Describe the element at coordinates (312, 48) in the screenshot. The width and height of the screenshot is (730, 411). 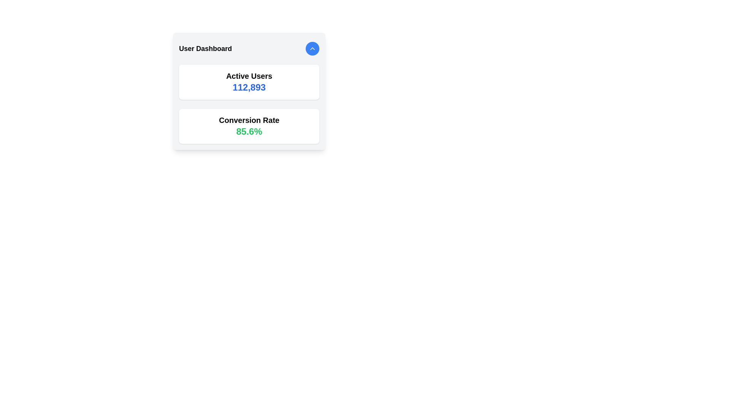
I see `the circular blue button with a white upwards-pointing chevron icon located at the upper right corner of the header section labeled 'User Dashboard'` at that location.